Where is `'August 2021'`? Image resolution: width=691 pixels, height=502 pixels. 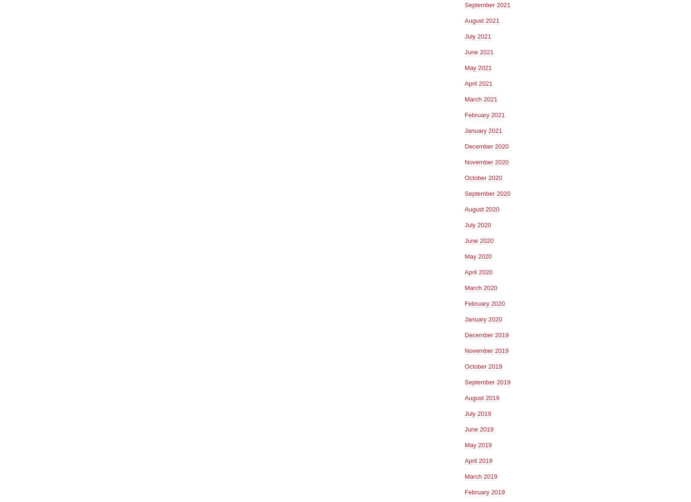 'August 2021' is located at coordinates (482, 20).